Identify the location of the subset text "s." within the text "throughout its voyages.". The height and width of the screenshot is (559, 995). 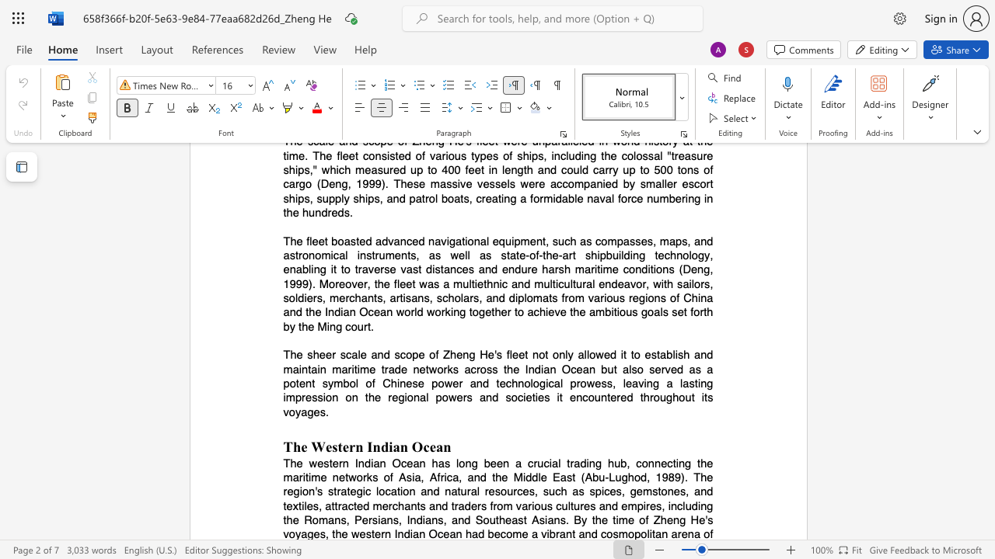
(319, 411).